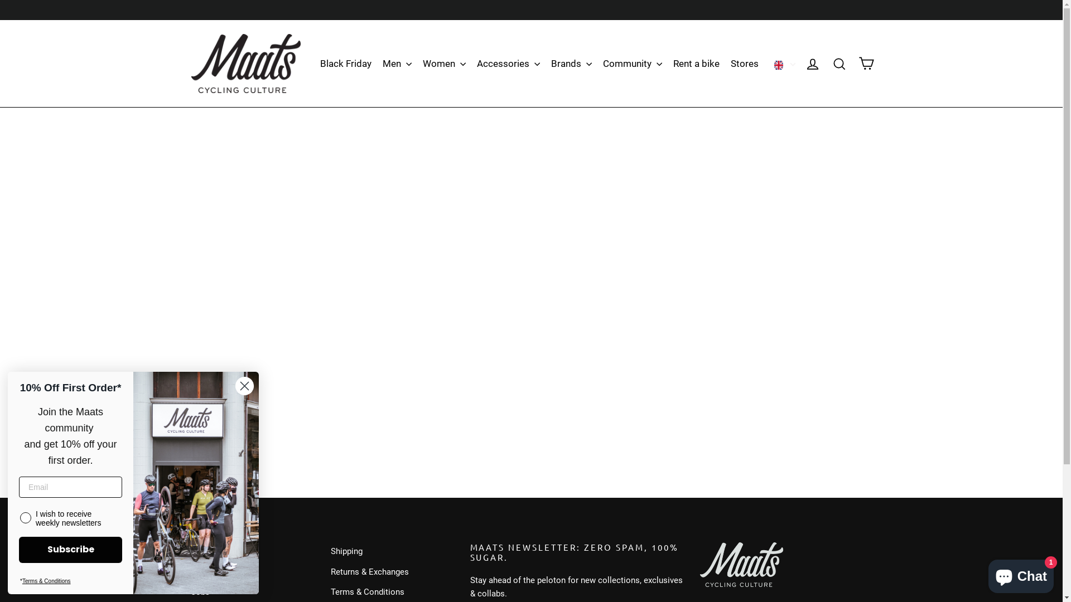 Image resolution: width=1071 pixels, height=602 pixels. What do you see at coordinates (190, 591) in the screenshot?
I see `'Jobs'` at bounding box center [190, 591].